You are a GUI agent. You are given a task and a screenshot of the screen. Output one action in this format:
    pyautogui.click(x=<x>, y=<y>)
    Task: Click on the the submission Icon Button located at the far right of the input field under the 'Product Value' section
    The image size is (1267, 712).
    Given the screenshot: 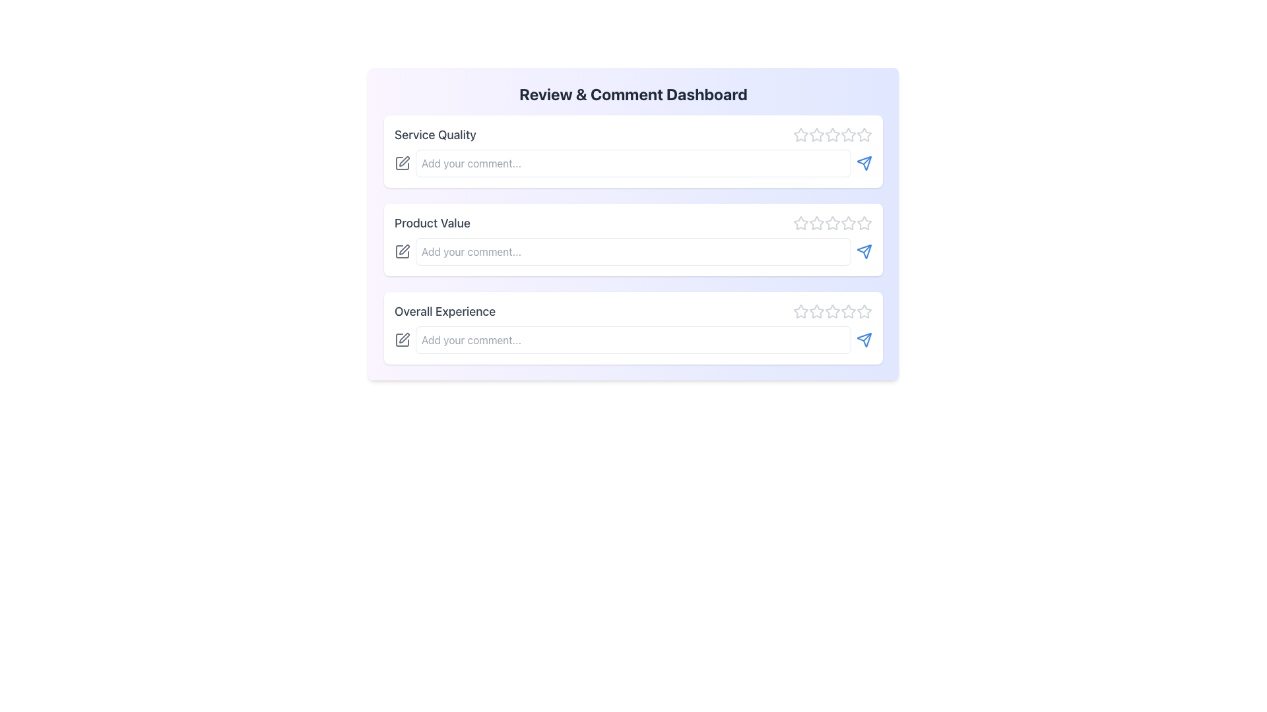 What is the action you would take?
    pyautogui.click(x=864, y=251)
    